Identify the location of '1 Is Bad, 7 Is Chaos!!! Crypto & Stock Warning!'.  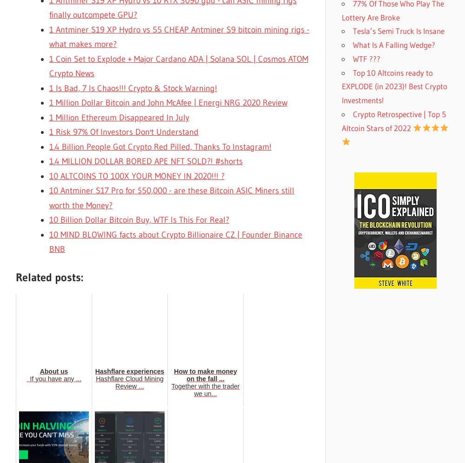
(133, 88).